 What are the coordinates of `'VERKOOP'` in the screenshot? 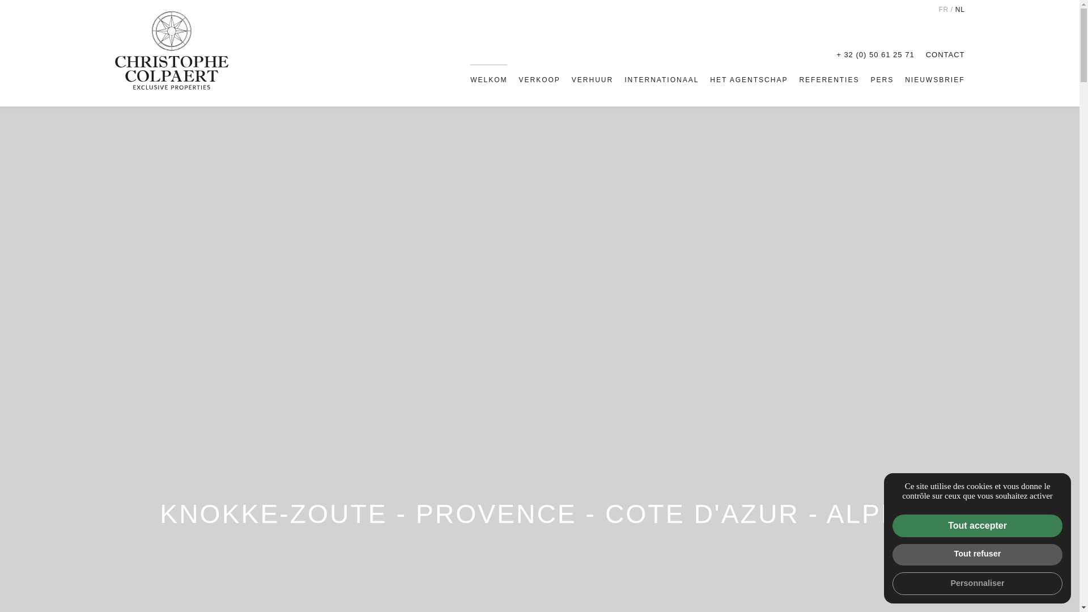 It's located at (518, 79).